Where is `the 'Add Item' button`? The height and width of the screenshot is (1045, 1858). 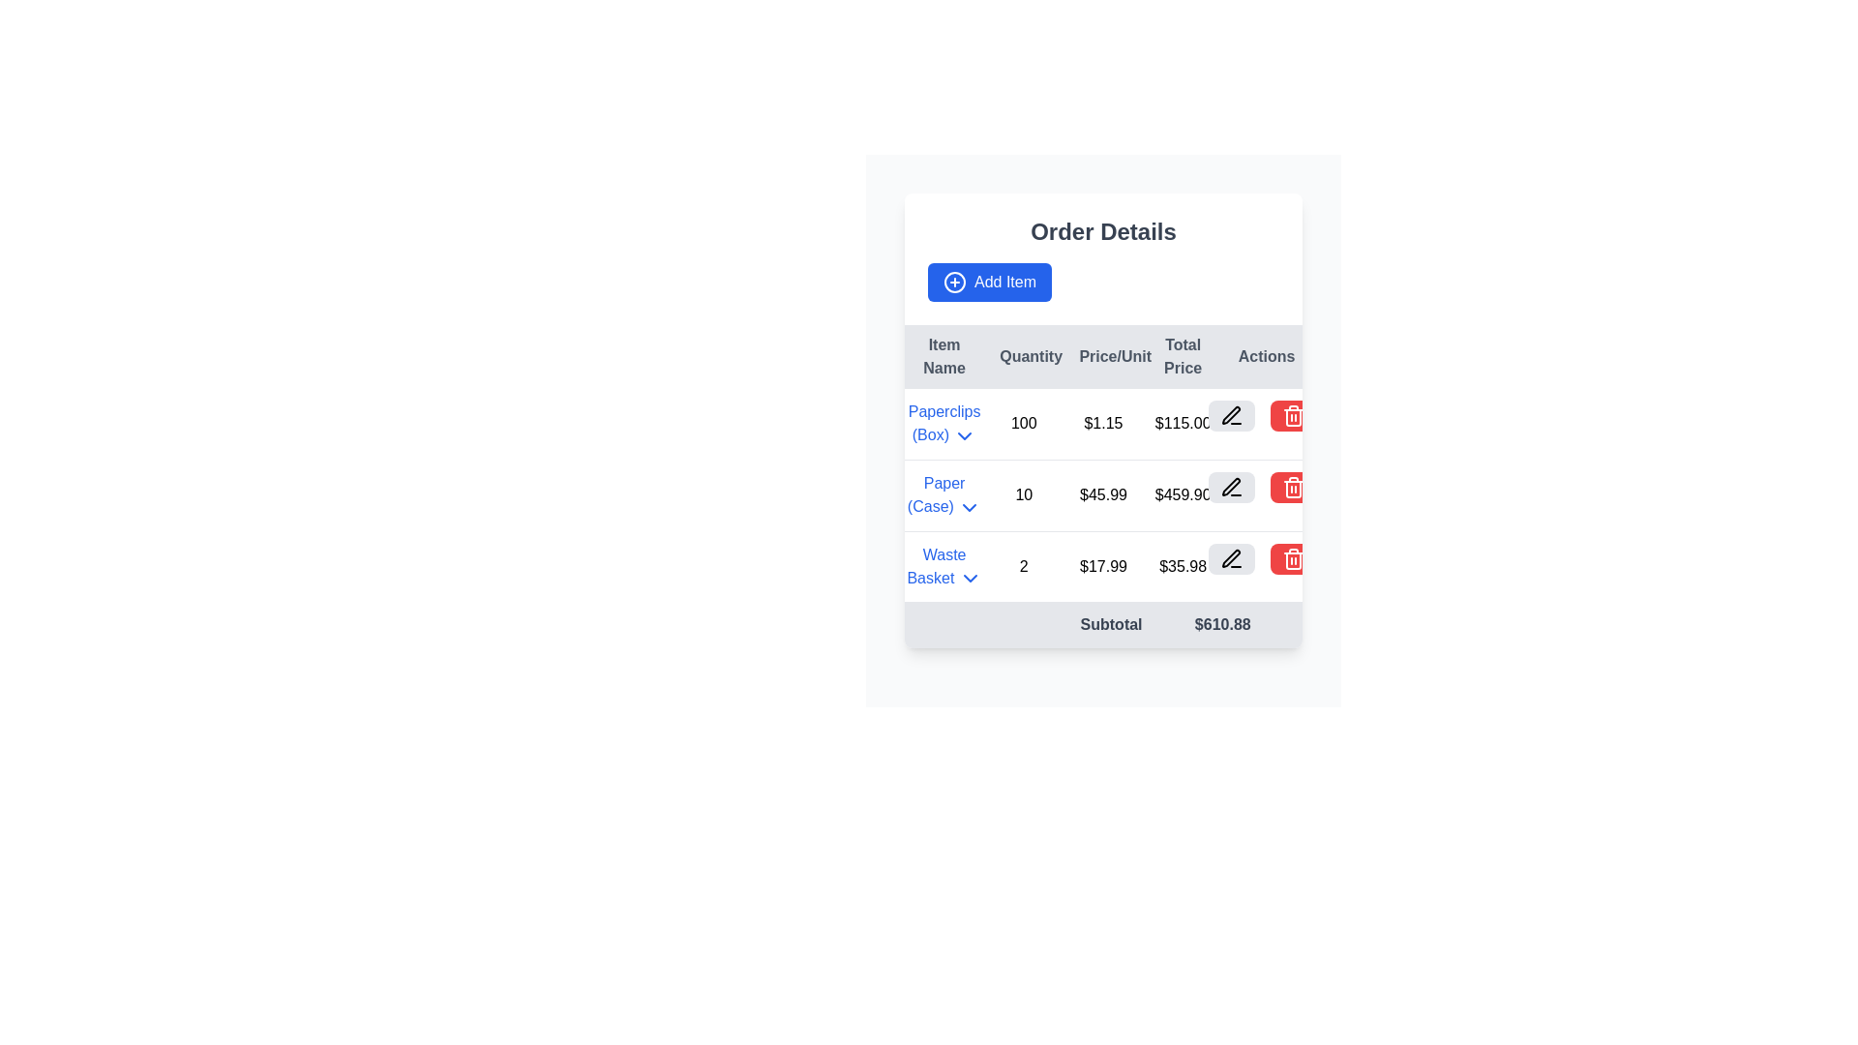
the 'Add Item' button is located at coordinates (989, 283).